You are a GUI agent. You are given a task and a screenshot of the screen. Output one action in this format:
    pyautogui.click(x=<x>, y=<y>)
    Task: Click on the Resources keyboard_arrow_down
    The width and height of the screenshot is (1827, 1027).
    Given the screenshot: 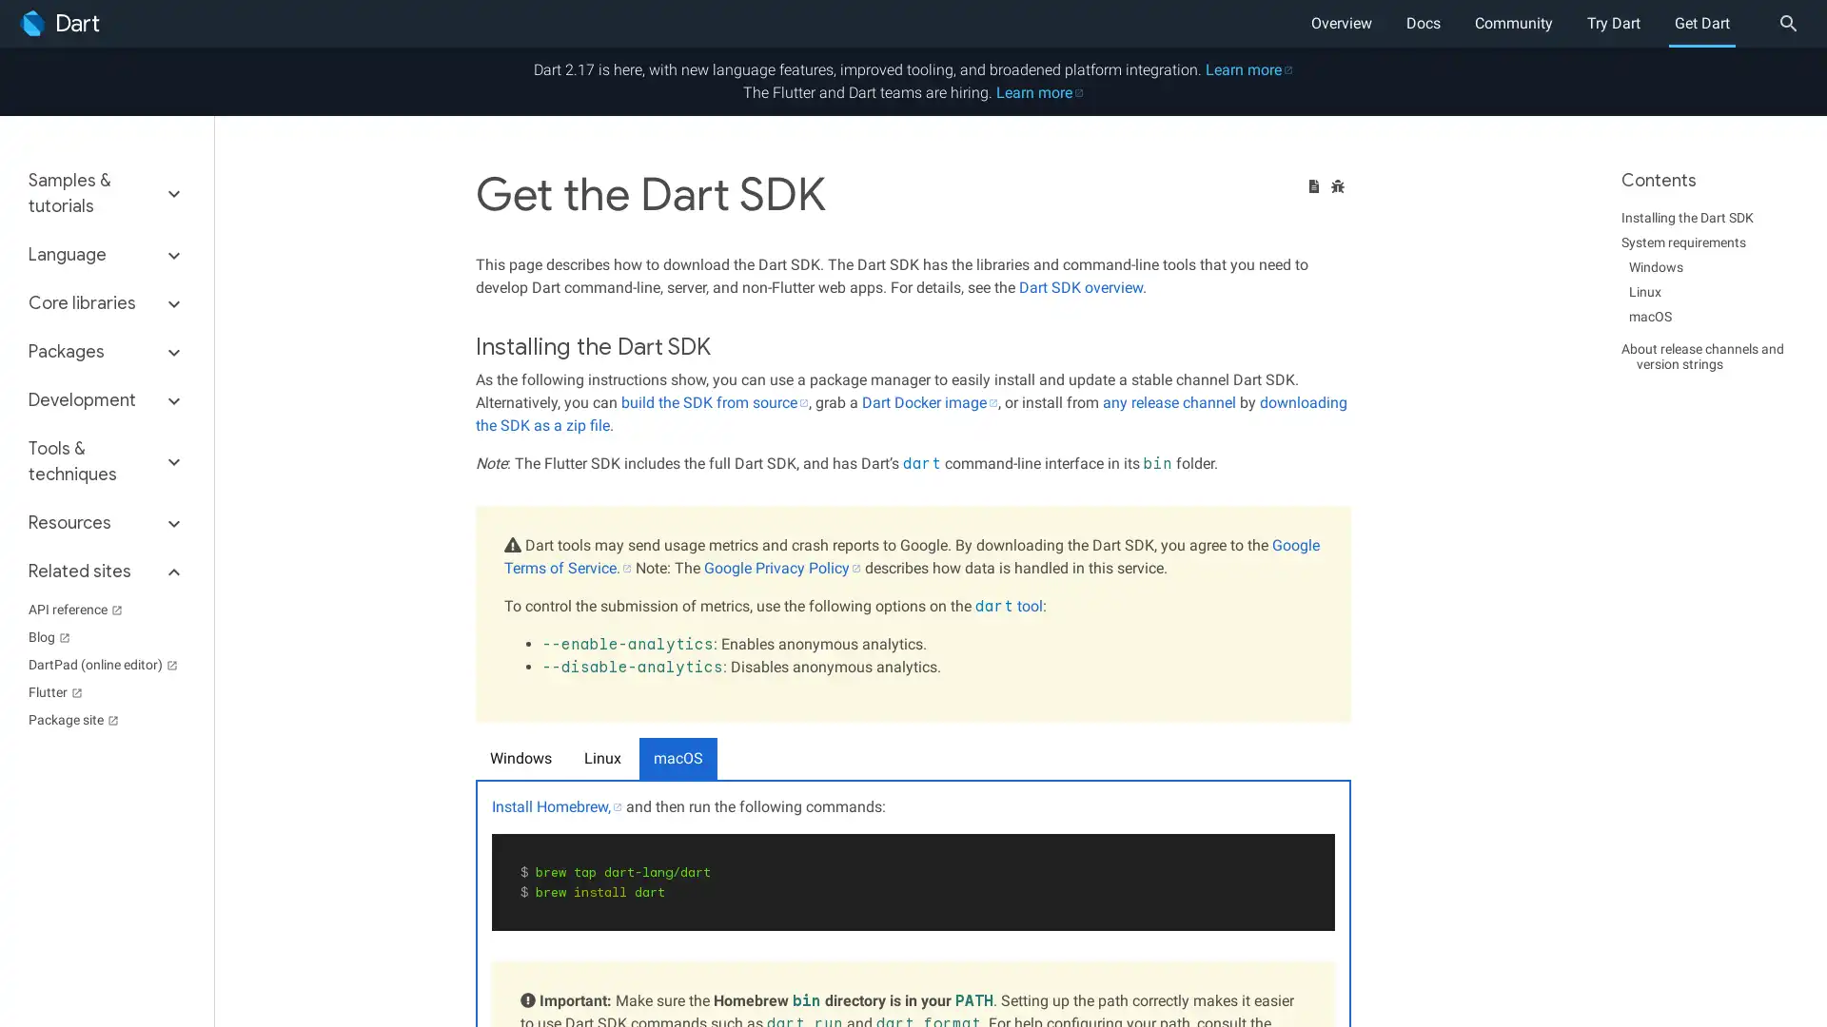 What is the action you would take?
    pyautogui.click(x=106, y=523)
    